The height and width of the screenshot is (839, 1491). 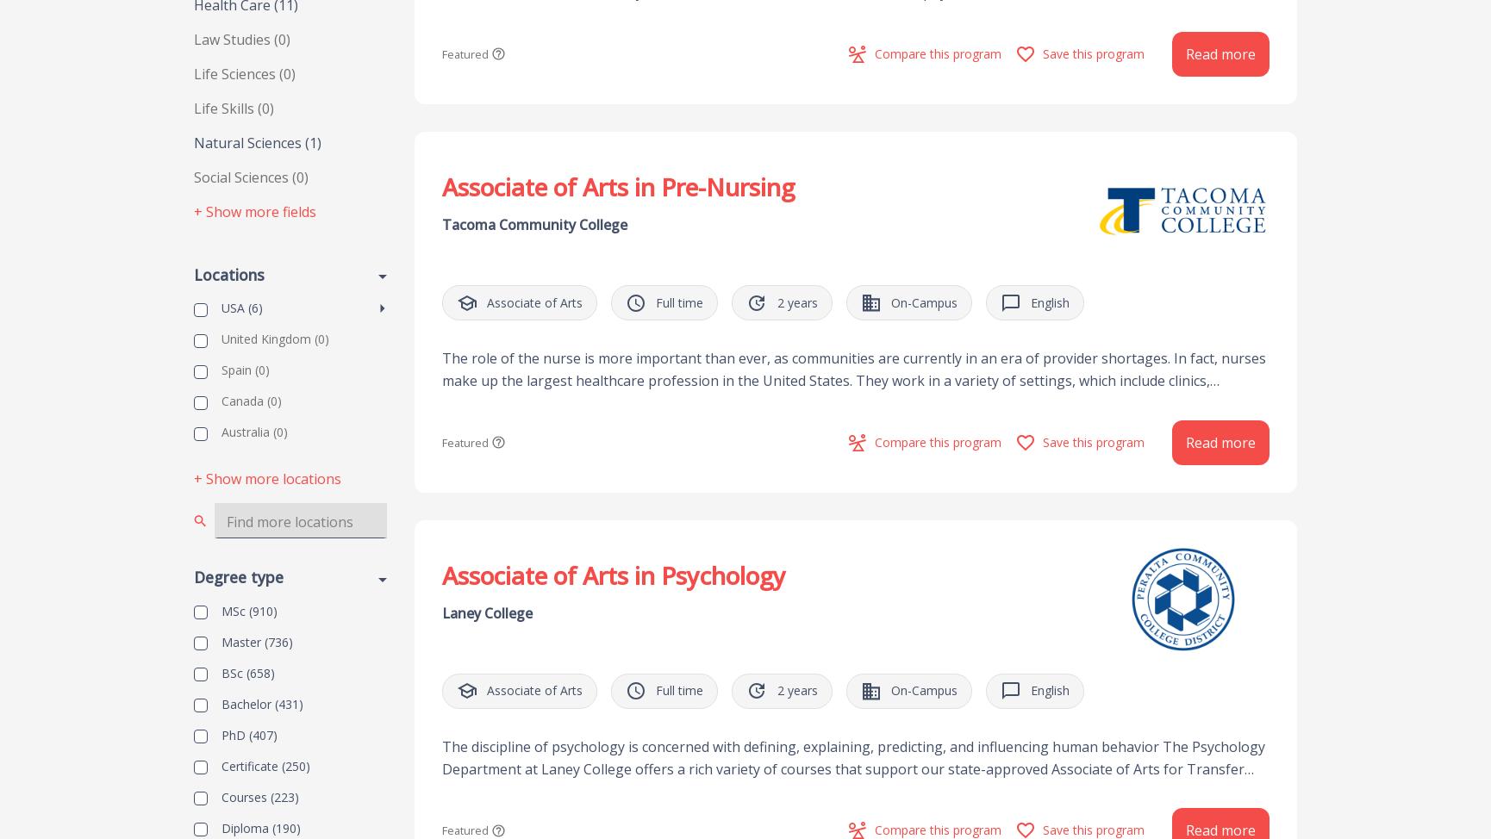 I want to click on 'Natural Sciences (1)', so click(x=257, y=142).